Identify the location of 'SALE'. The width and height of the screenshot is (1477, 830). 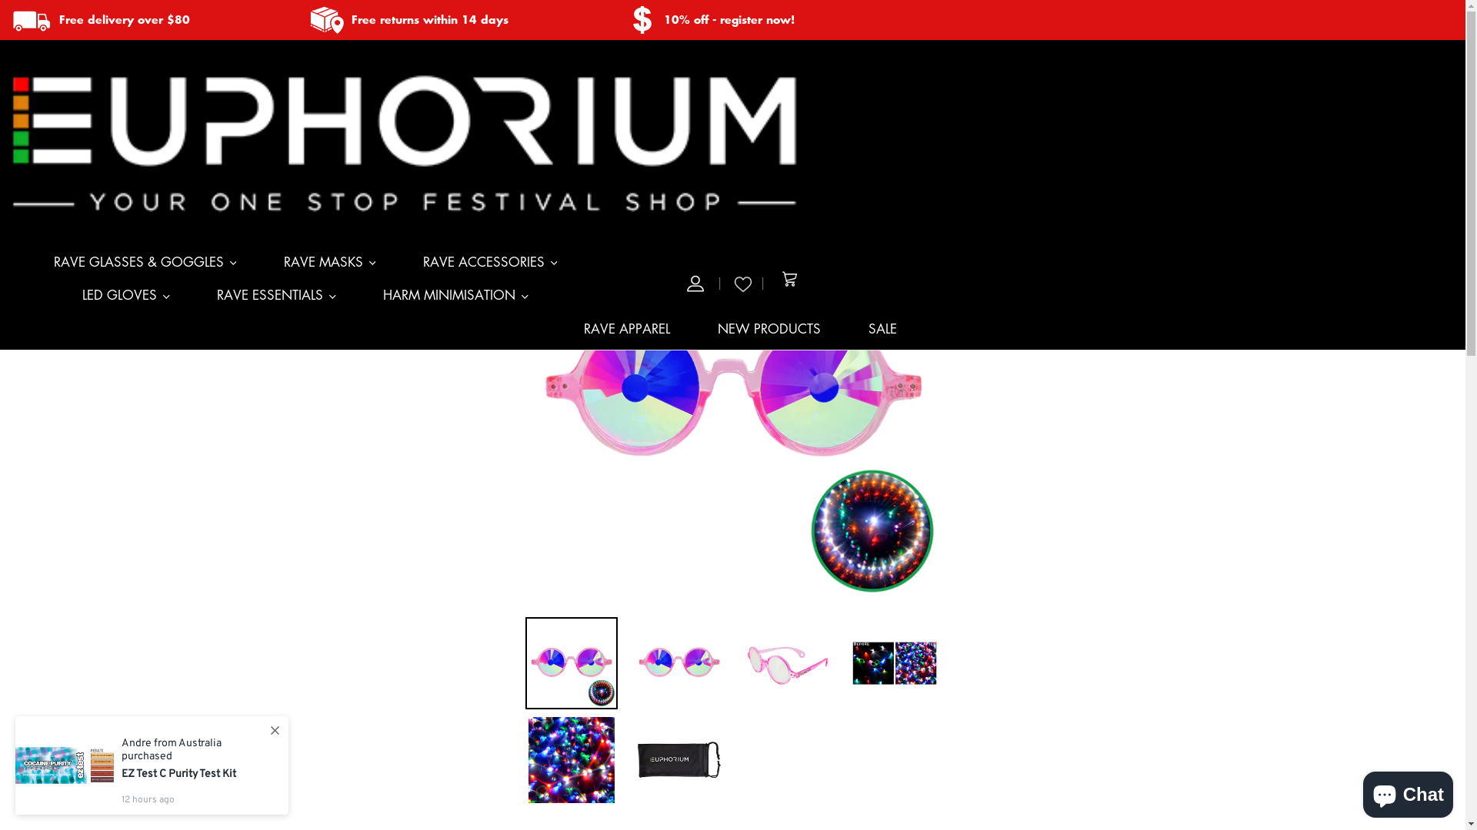
(882, 333).